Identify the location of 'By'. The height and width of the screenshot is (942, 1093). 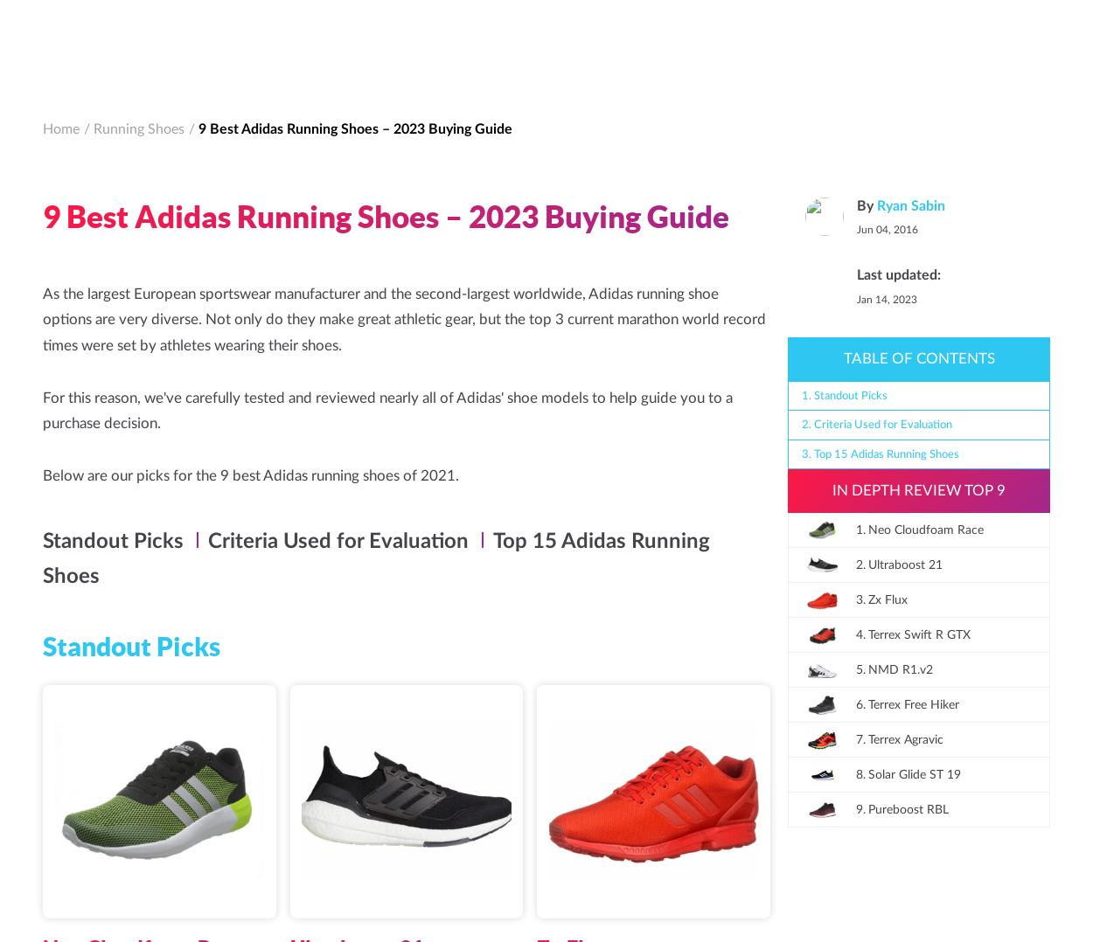
(112, 925).